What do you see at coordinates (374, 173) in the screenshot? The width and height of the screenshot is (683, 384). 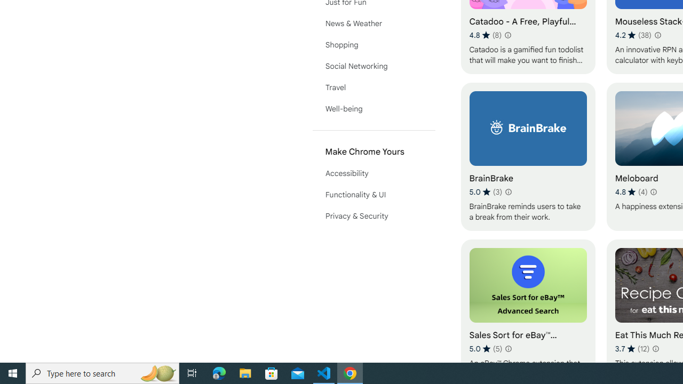 I see `'Accessibility'` at bounding box center [374, 173].